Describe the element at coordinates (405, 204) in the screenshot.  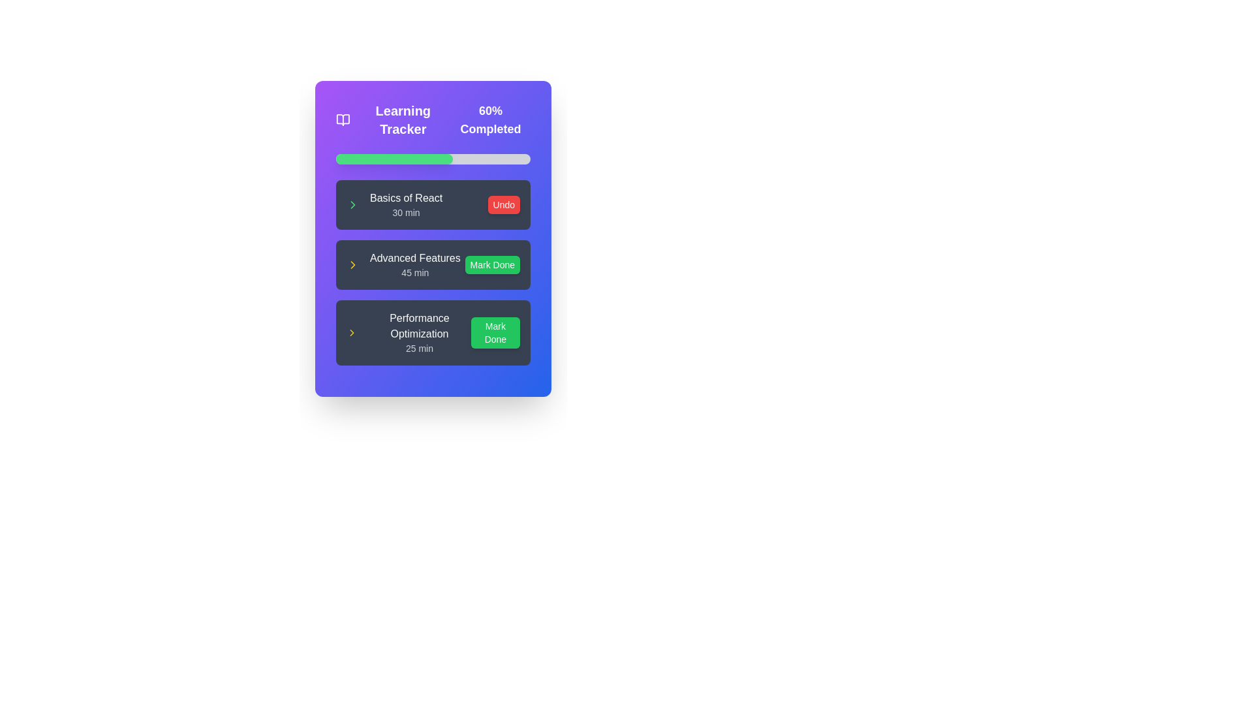
I see `the Text Label for the course module 'Basics of React' to focus the containing box` at that location.